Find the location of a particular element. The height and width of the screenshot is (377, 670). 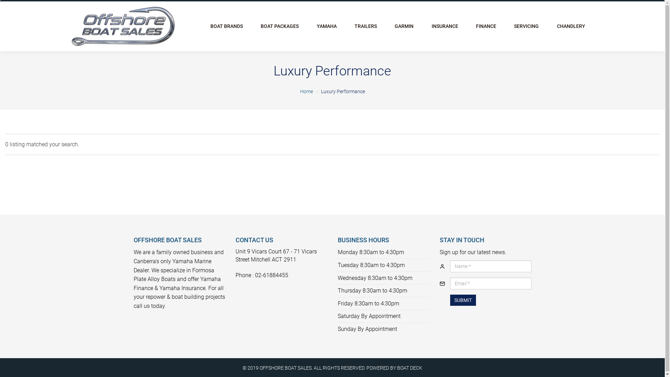

'FINANCE' is located at coordinates (485, 26).